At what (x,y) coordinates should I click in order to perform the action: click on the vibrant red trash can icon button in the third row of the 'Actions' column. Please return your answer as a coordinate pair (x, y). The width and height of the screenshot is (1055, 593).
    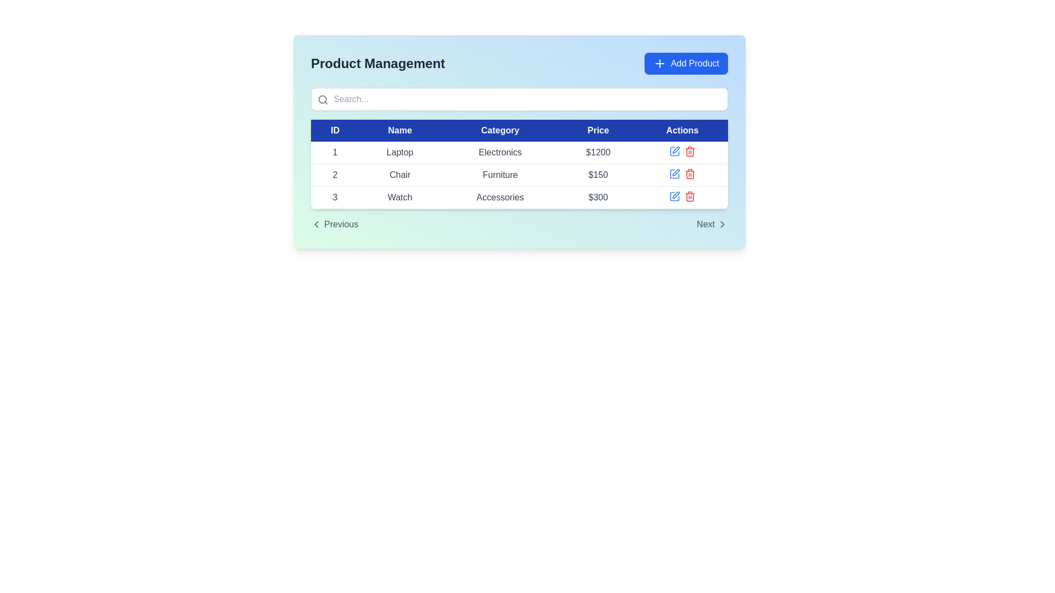
    Looking at the image, I should click on (689, 196).